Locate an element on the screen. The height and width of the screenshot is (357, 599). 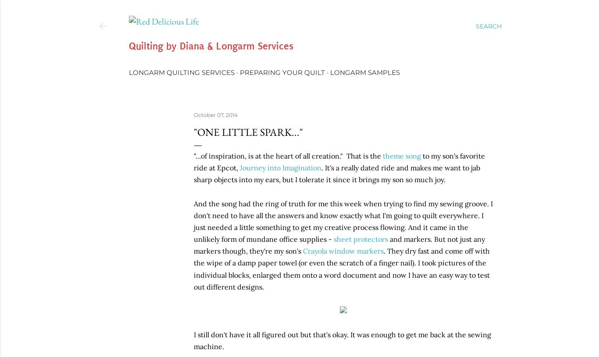
'Tutorials, Tips & Tricks' is located at coordinates (292, 85).